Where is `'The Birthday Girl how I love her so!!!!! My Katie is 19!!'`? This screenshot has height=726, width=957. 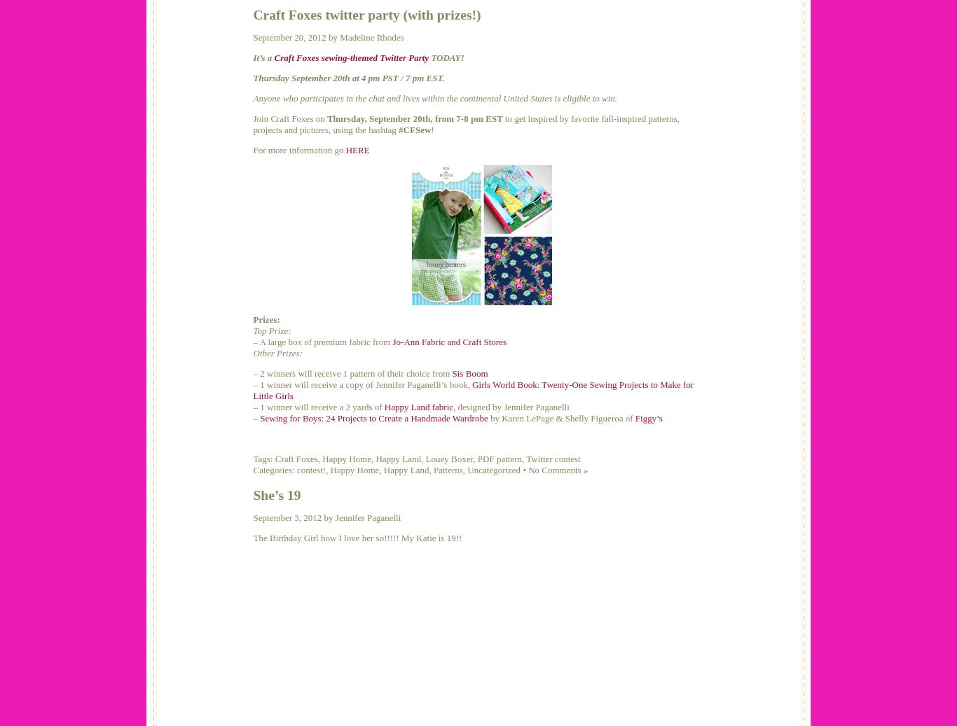
'The Birthday Girl how I love her so!!!!! My Katie is 19!!' is located at coordinates (357, 537).